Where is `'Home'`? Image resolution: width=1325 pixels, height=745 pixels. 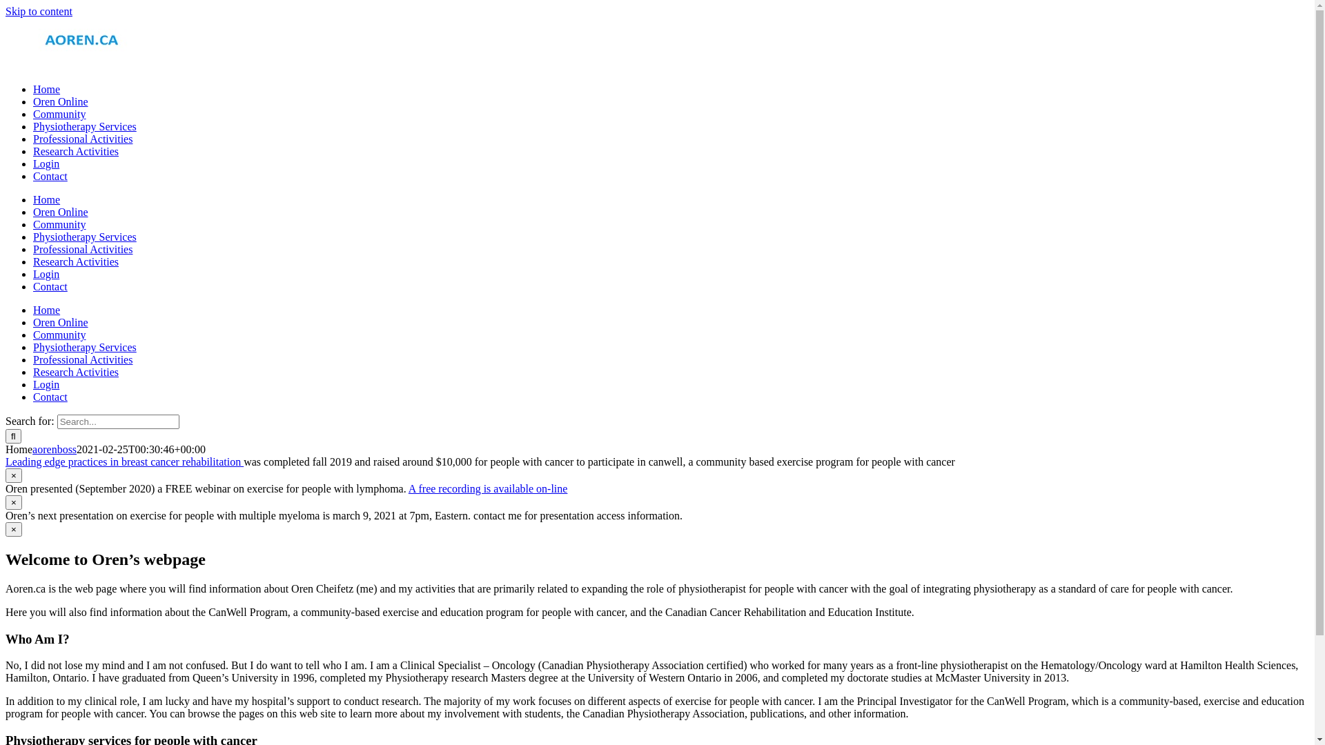
'Home' is located at coordinates (46, 89).